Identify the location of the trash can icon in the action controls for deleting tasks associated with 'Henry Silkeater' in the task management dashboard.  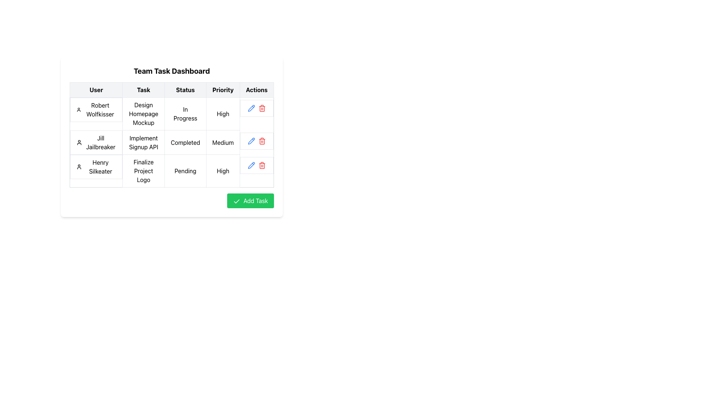
(257, 165).